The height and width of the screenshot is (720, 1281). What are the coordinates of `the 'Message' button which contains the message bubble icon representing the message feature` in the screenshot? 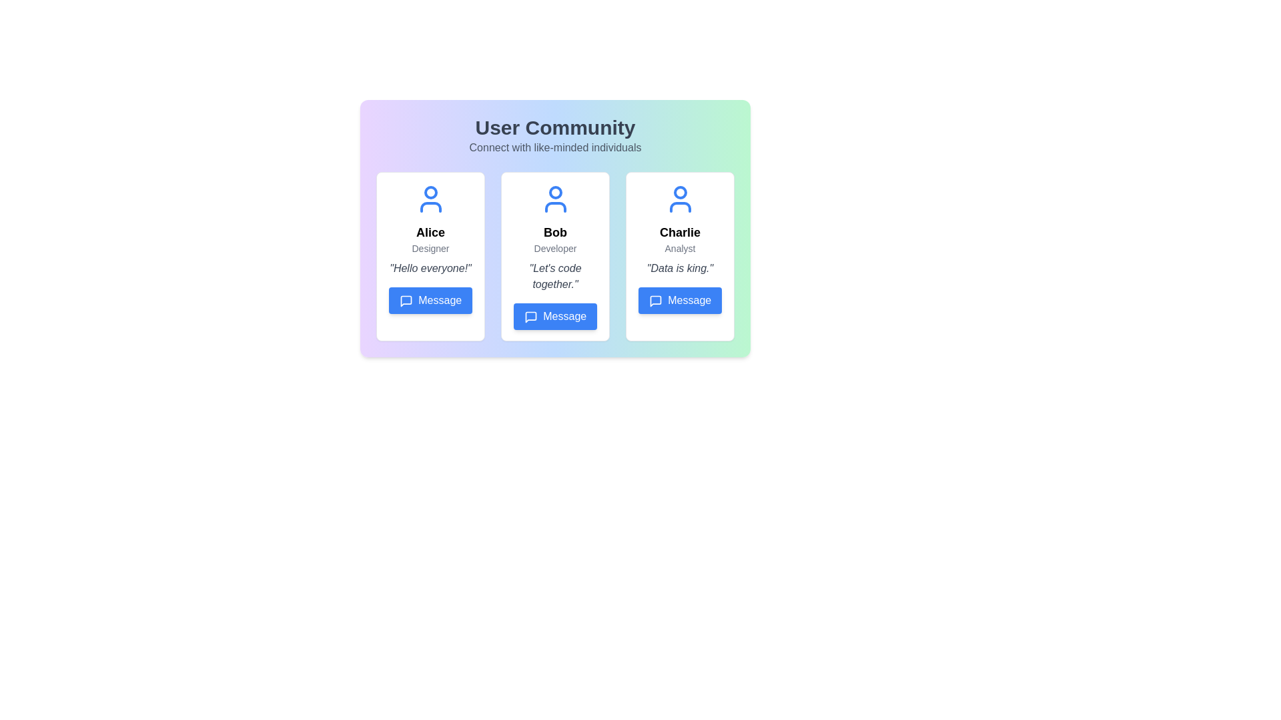 It's located at (405, 301).